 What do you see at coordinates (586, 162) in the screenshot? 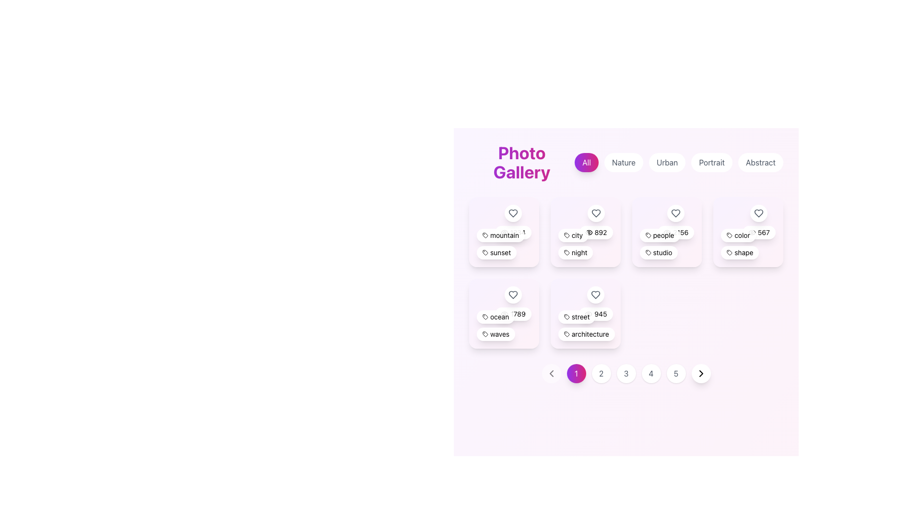
I see `the rounded, pill-shaped button with a gradient background and the text 'All' in bold, white font` at bounding box center [586, 162].